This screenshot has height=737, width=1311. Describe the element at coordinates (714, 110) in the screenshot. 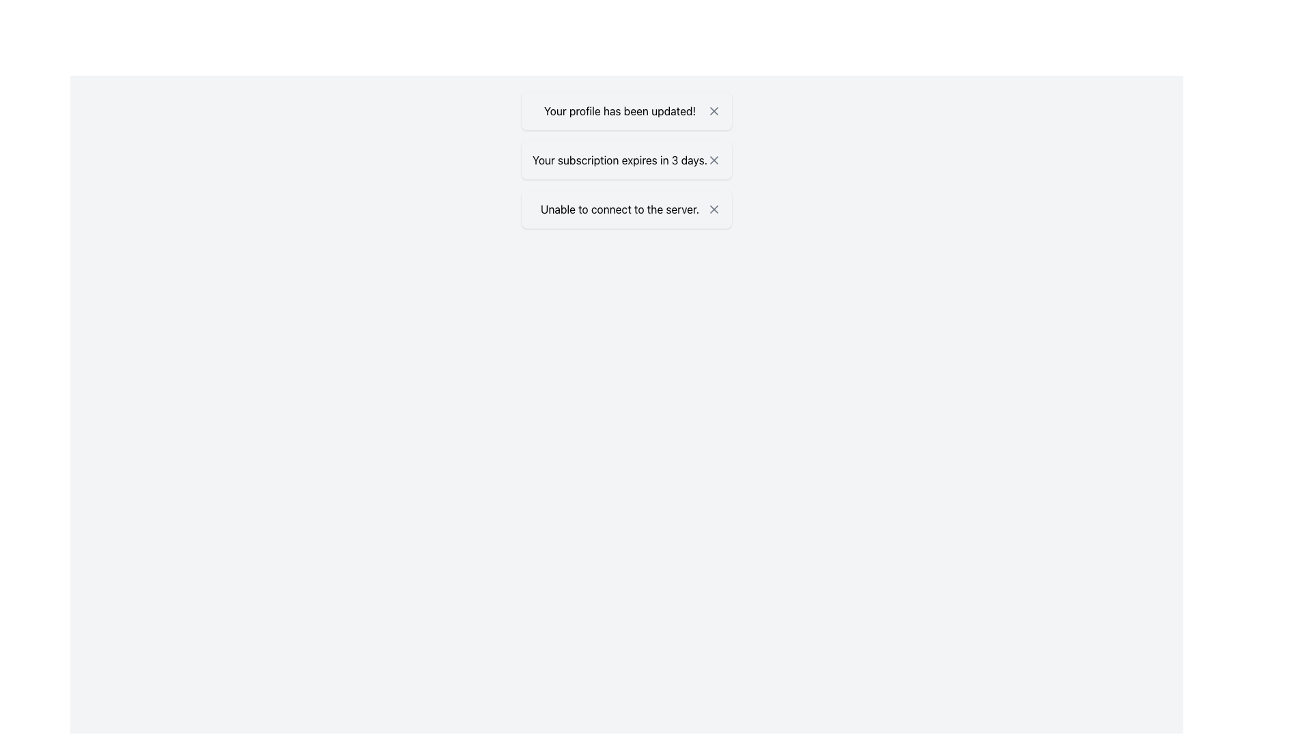

I see `the dismiss button located at the rightmost end of the notification box that reads 'Your profile has been updated!' to observe hover feedback` at that location.